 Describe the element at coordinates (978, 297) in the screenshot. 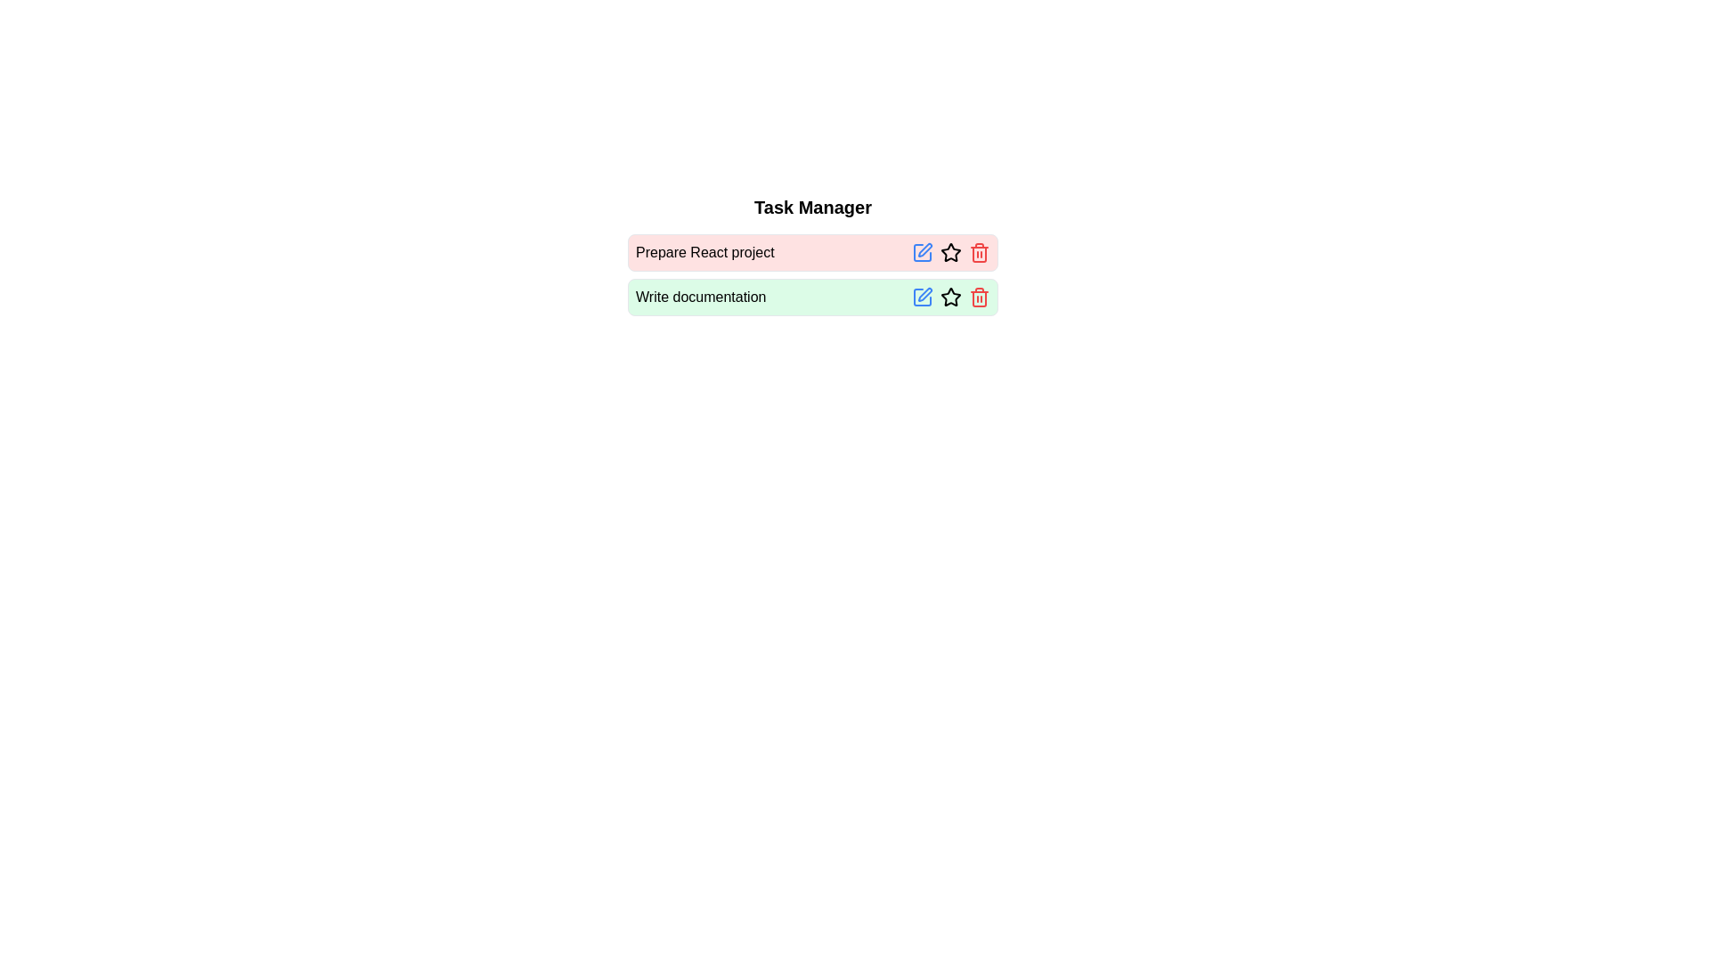

I see `the trash can icon-button associated with the 'Write documentation' task to potentially see a tooltip describing its function` at that location.